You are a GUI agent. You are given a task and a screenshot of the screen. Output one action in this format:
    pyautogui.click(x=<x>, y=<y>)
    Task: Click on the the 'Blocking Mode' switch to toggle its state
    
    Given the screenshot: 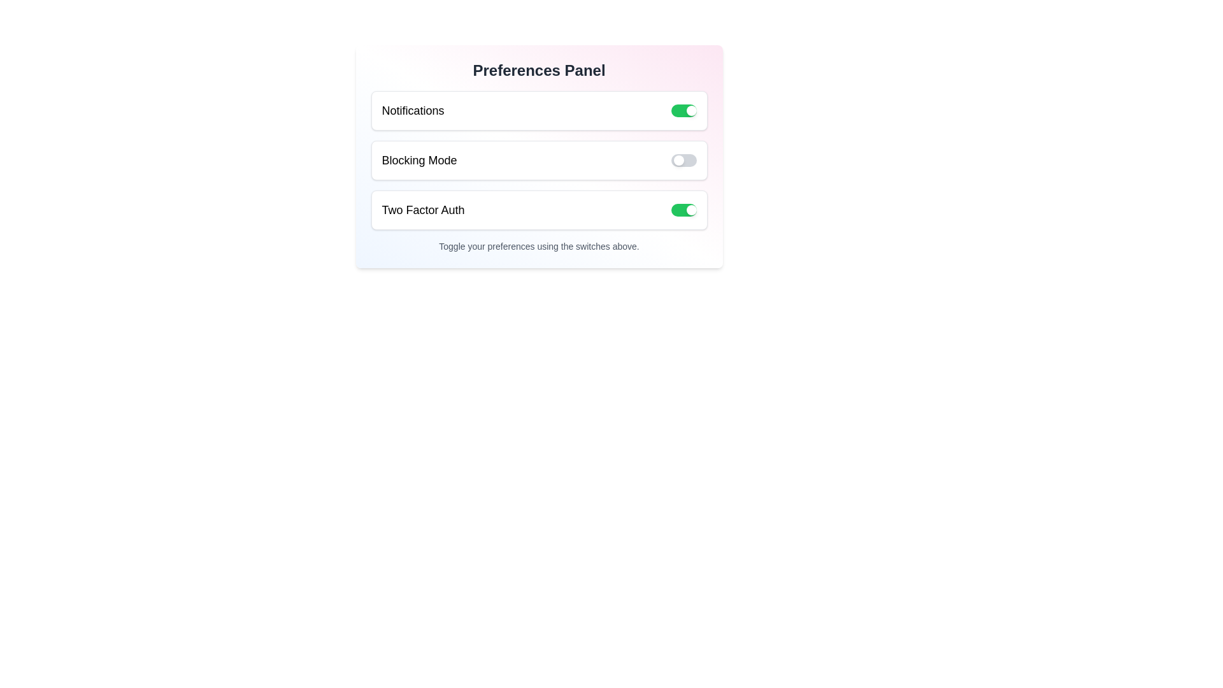 What is the action you would take?
    pyautogui.click(x=683, y=159)
    